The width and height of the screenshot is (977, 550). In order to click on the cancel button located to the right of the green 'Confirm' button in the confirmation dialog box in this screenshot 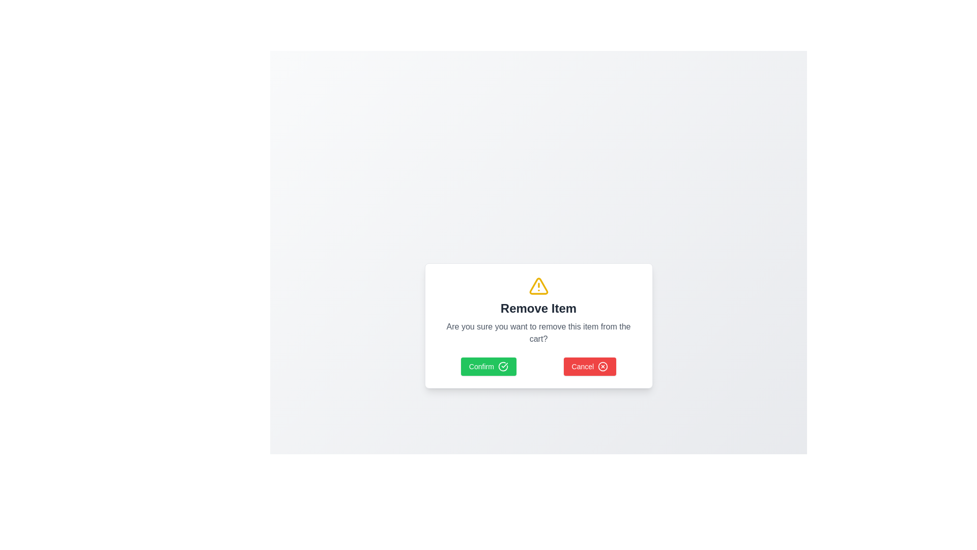, I will do `click(590, 367)`.